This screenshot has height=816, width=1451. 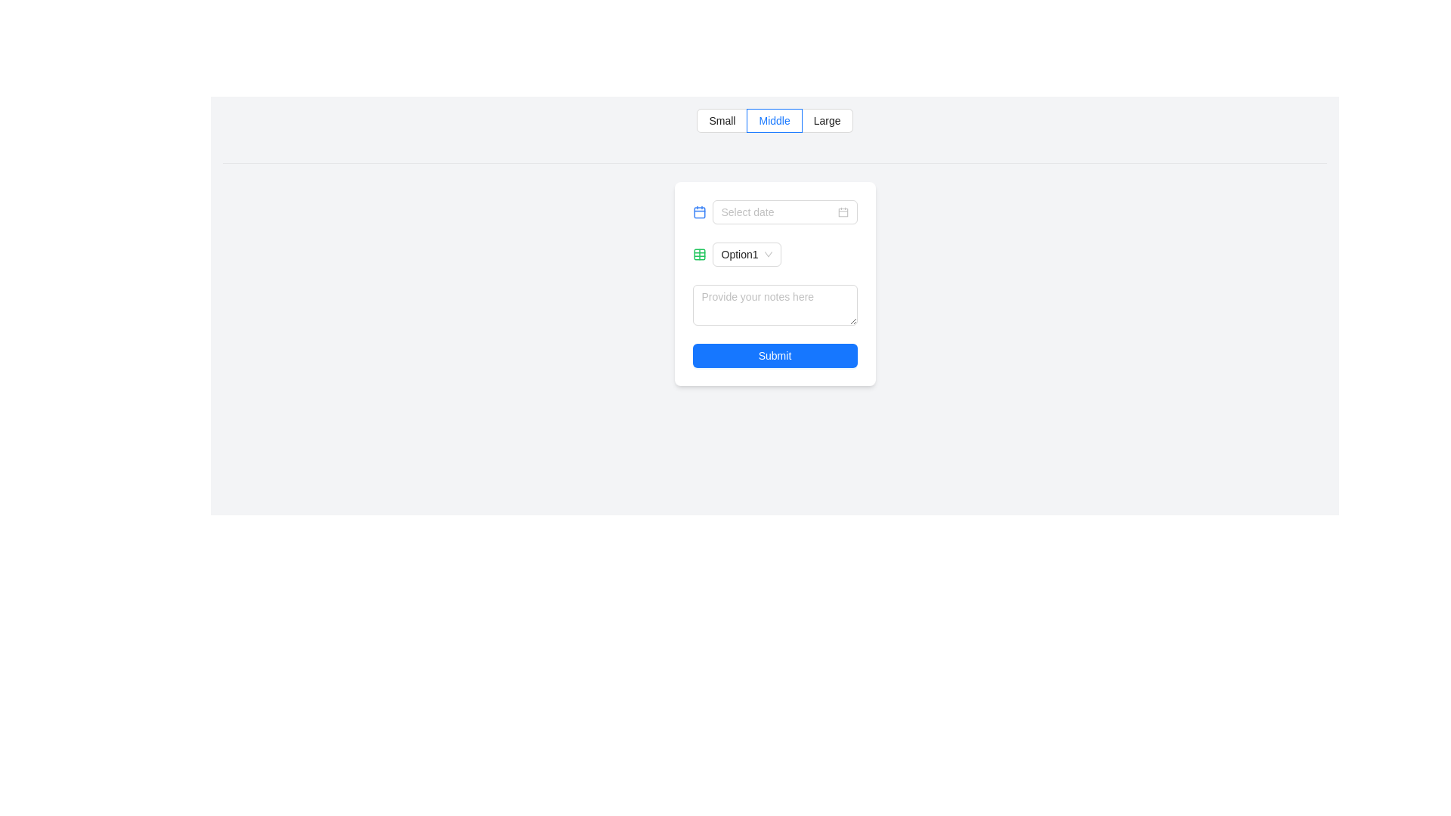 What do you see at coordinates (775, 119) in the screenshot?
I see `the 'Middle' radio button which is styled as a rectangular button and is positioned centrally between 'Small' and 'Large' in a group of three by` at bounding box center [775, 119].